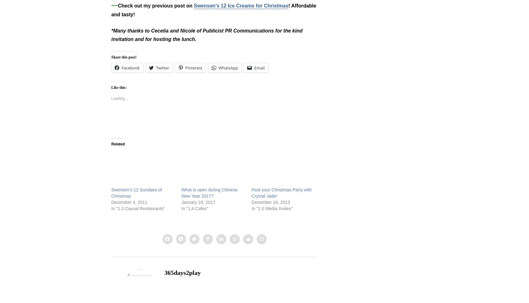  What do you see at coordinates (111, 87) in the screenshot?
I see `'Like this:'` at bounding box center [111, 87].